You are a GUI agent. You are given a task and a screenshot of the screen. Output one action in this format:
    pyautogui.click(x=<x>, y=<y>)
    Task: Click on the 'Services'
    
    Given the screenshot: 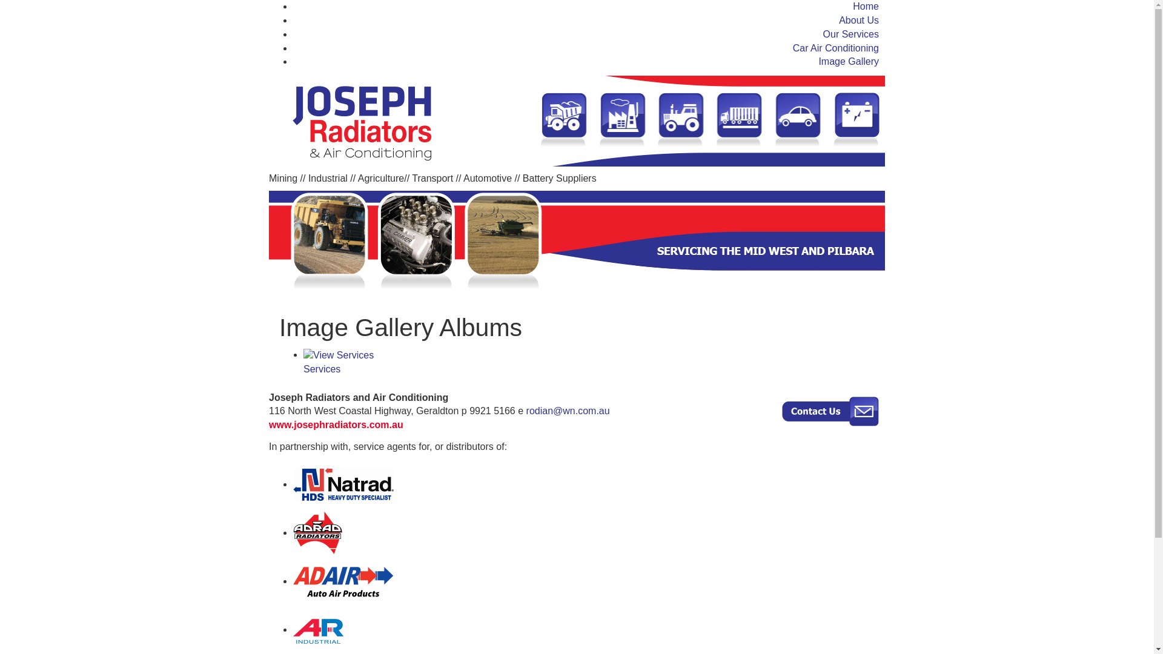 What is the action you would take?
    pyautogui.click(x=338, y=355)
    